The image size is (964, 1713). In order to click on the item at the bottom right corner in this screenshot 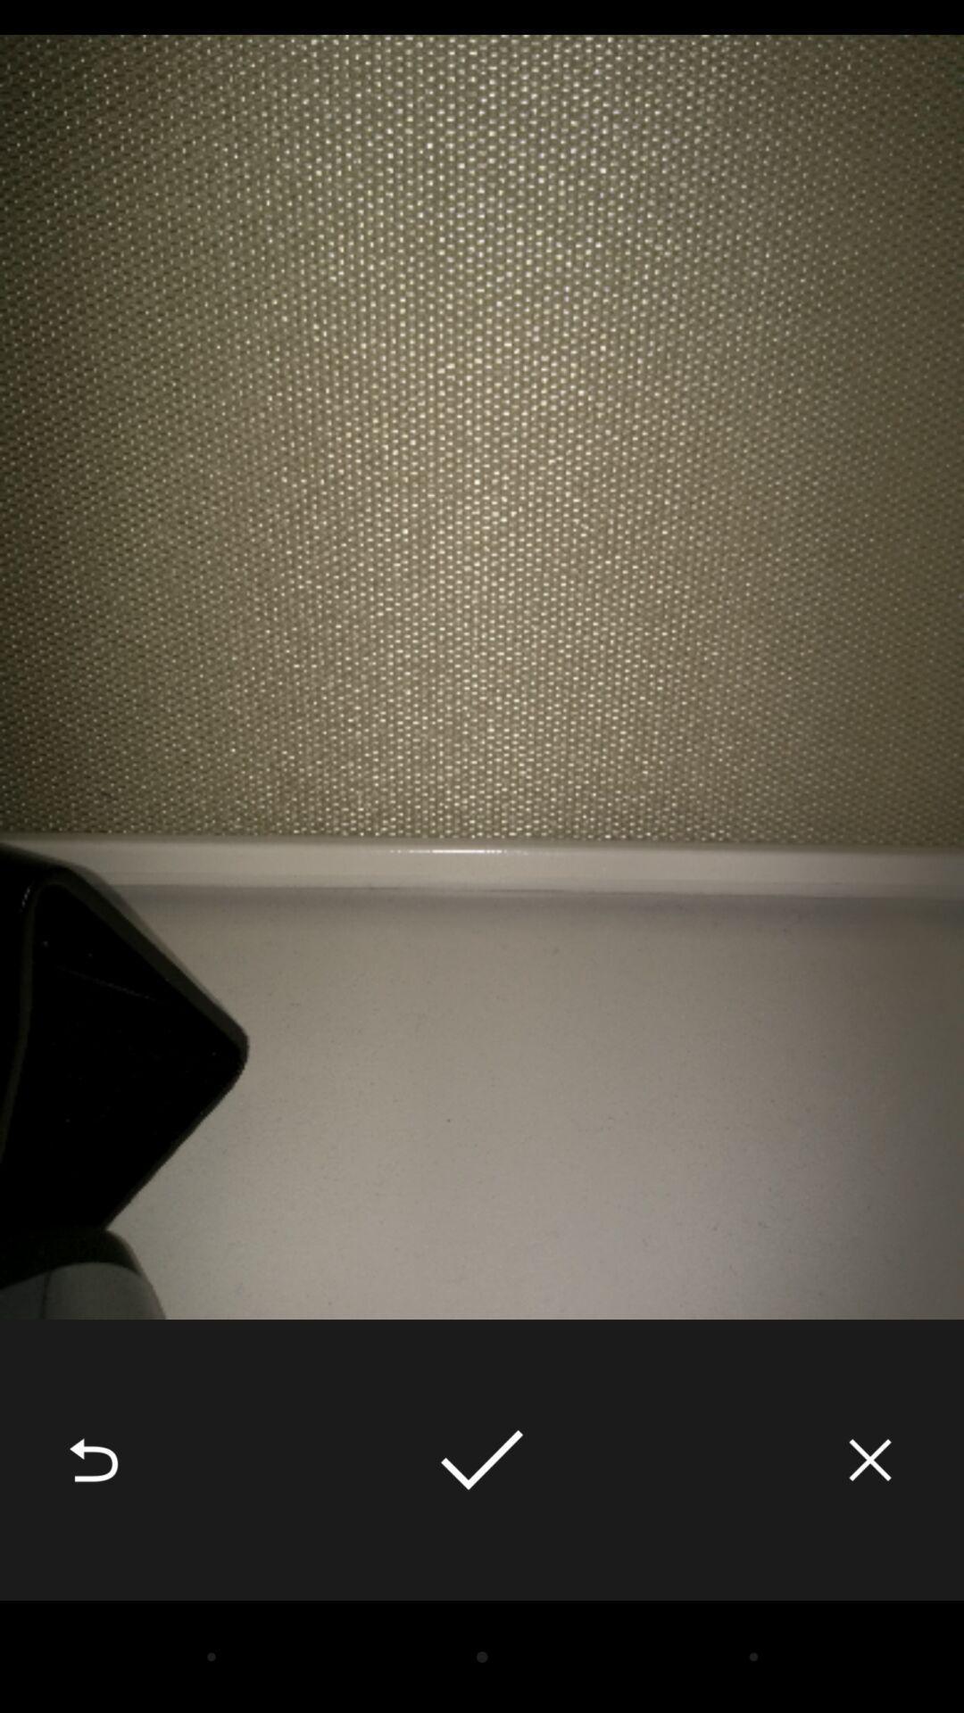, I will do `click(869, 1460)`.